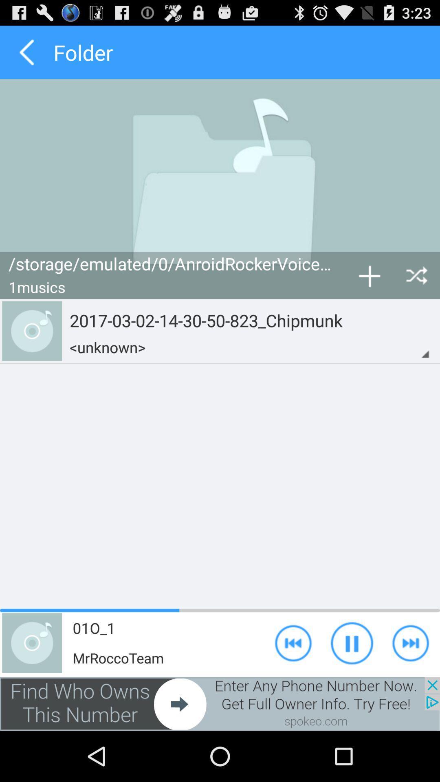 Image resolution: width=440 pixels, height=782 pixels. I want to click on the pause icon, so click(352, 688).